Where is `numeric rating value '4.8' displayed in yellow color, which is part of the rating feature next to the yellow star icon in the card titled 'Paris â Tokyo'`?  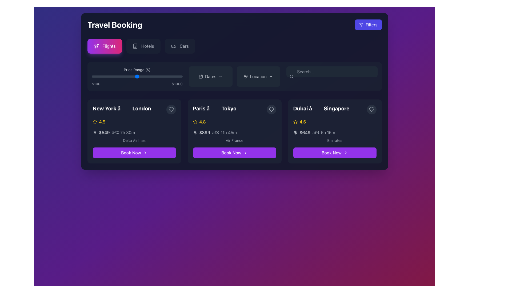 numeric rating value '4.8' displayed in yellow color, which is part of the rating feature next to the yellow star icon in the card titled 'Paris â Tokyo' is located at coordinates (202, 122).